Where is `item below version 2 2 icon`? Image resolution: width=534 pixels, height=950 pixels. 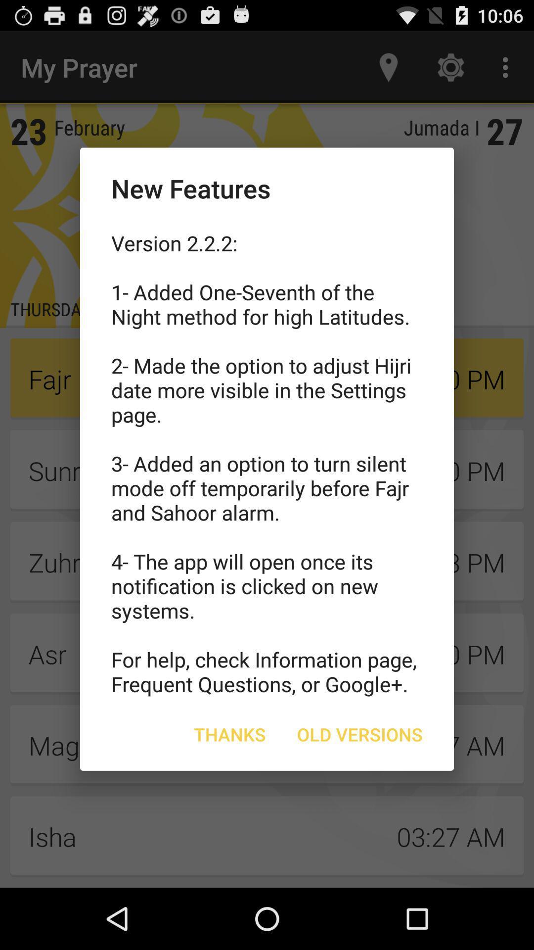
item below version 2 2 icon is located at coordinates (230, 734).